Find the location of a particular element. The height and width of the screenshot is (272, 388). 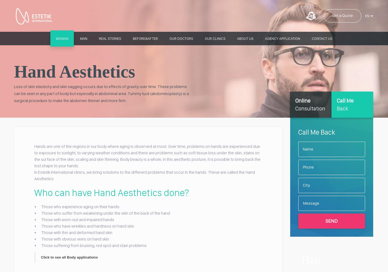

'Genital Aesthetics' is located at coordinates (103, 128).